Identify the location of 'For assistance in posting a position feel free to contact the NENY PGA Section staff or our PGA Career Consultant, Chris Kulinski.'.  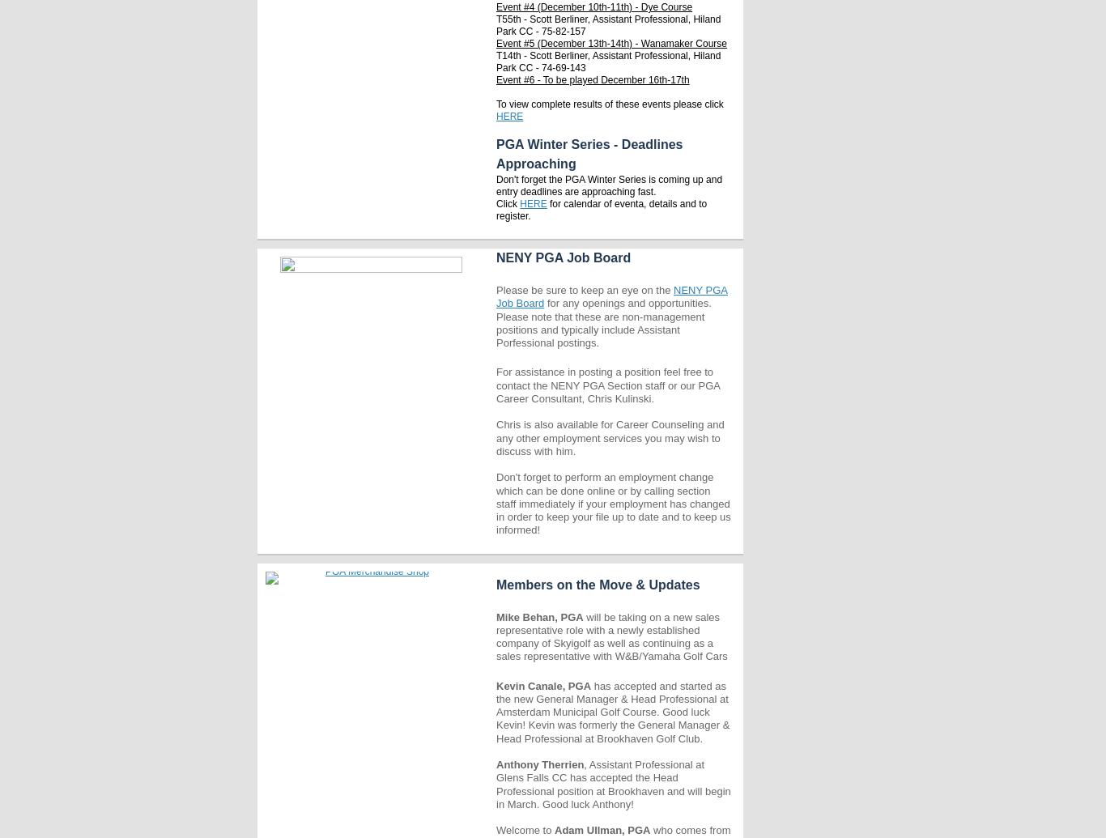
(608, 385).